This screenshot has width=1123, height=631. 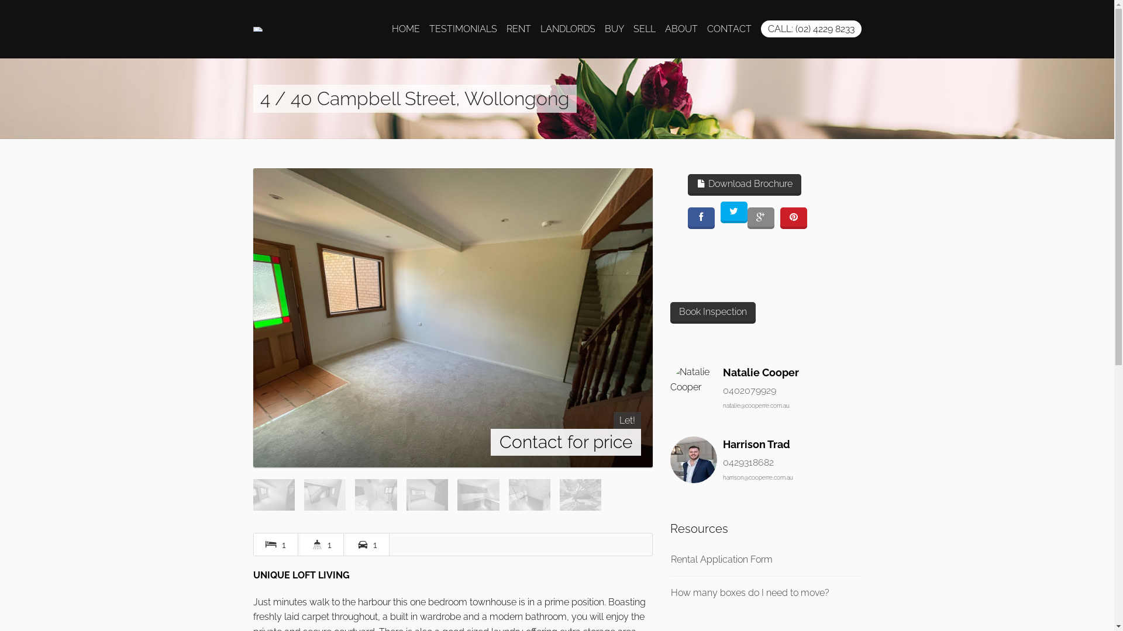 I want to click on 'HOME', so click(x=406, y=29).